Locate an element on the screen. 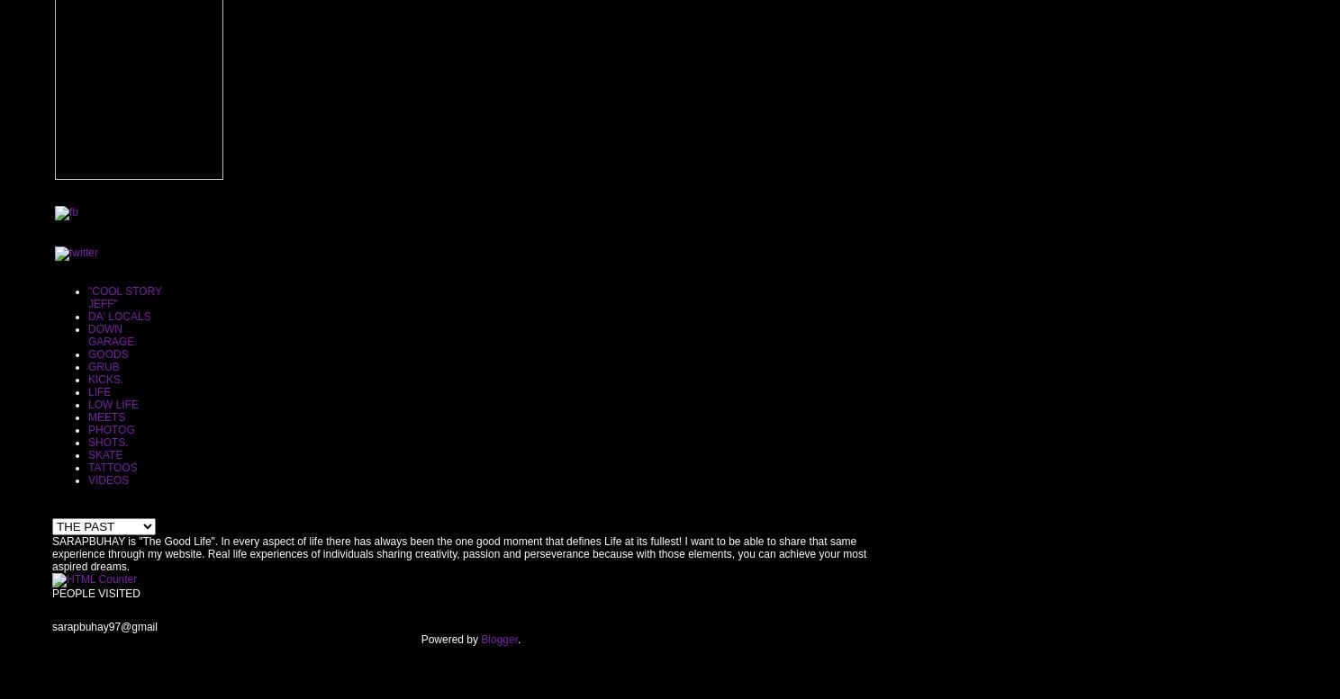 The image size is (1340, 699). 'GOODS' is located at coordinates (87, 353).